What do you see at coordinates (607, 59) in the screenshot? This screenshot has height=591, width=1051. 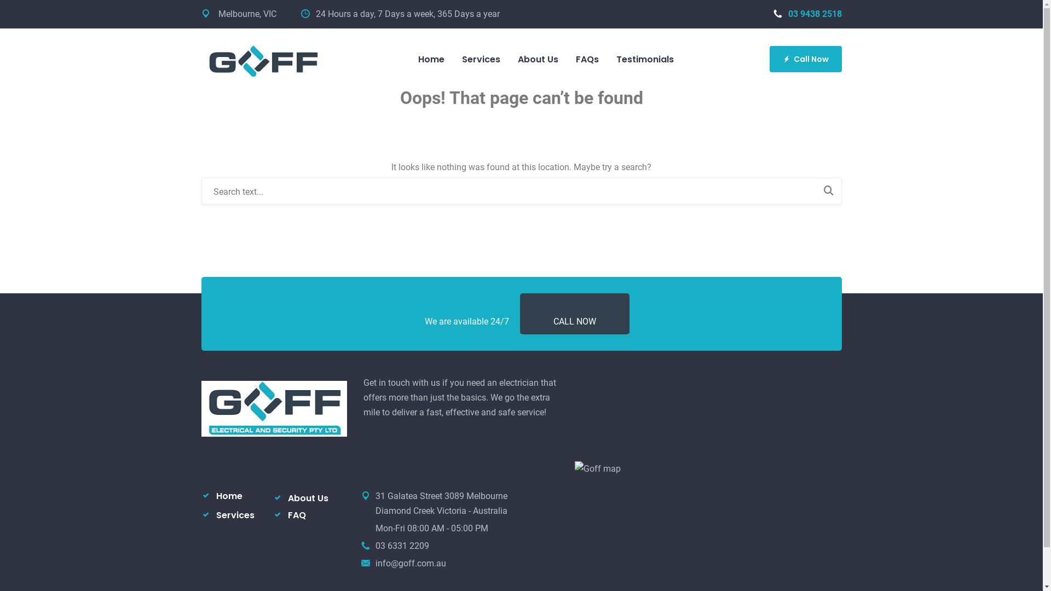 I see `'Testimonials'` at bounding box center [607, 59].